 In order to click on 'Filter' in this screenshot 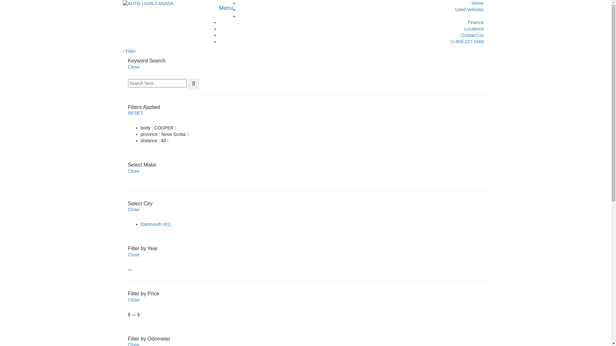, I will do `click(129, 51)`.